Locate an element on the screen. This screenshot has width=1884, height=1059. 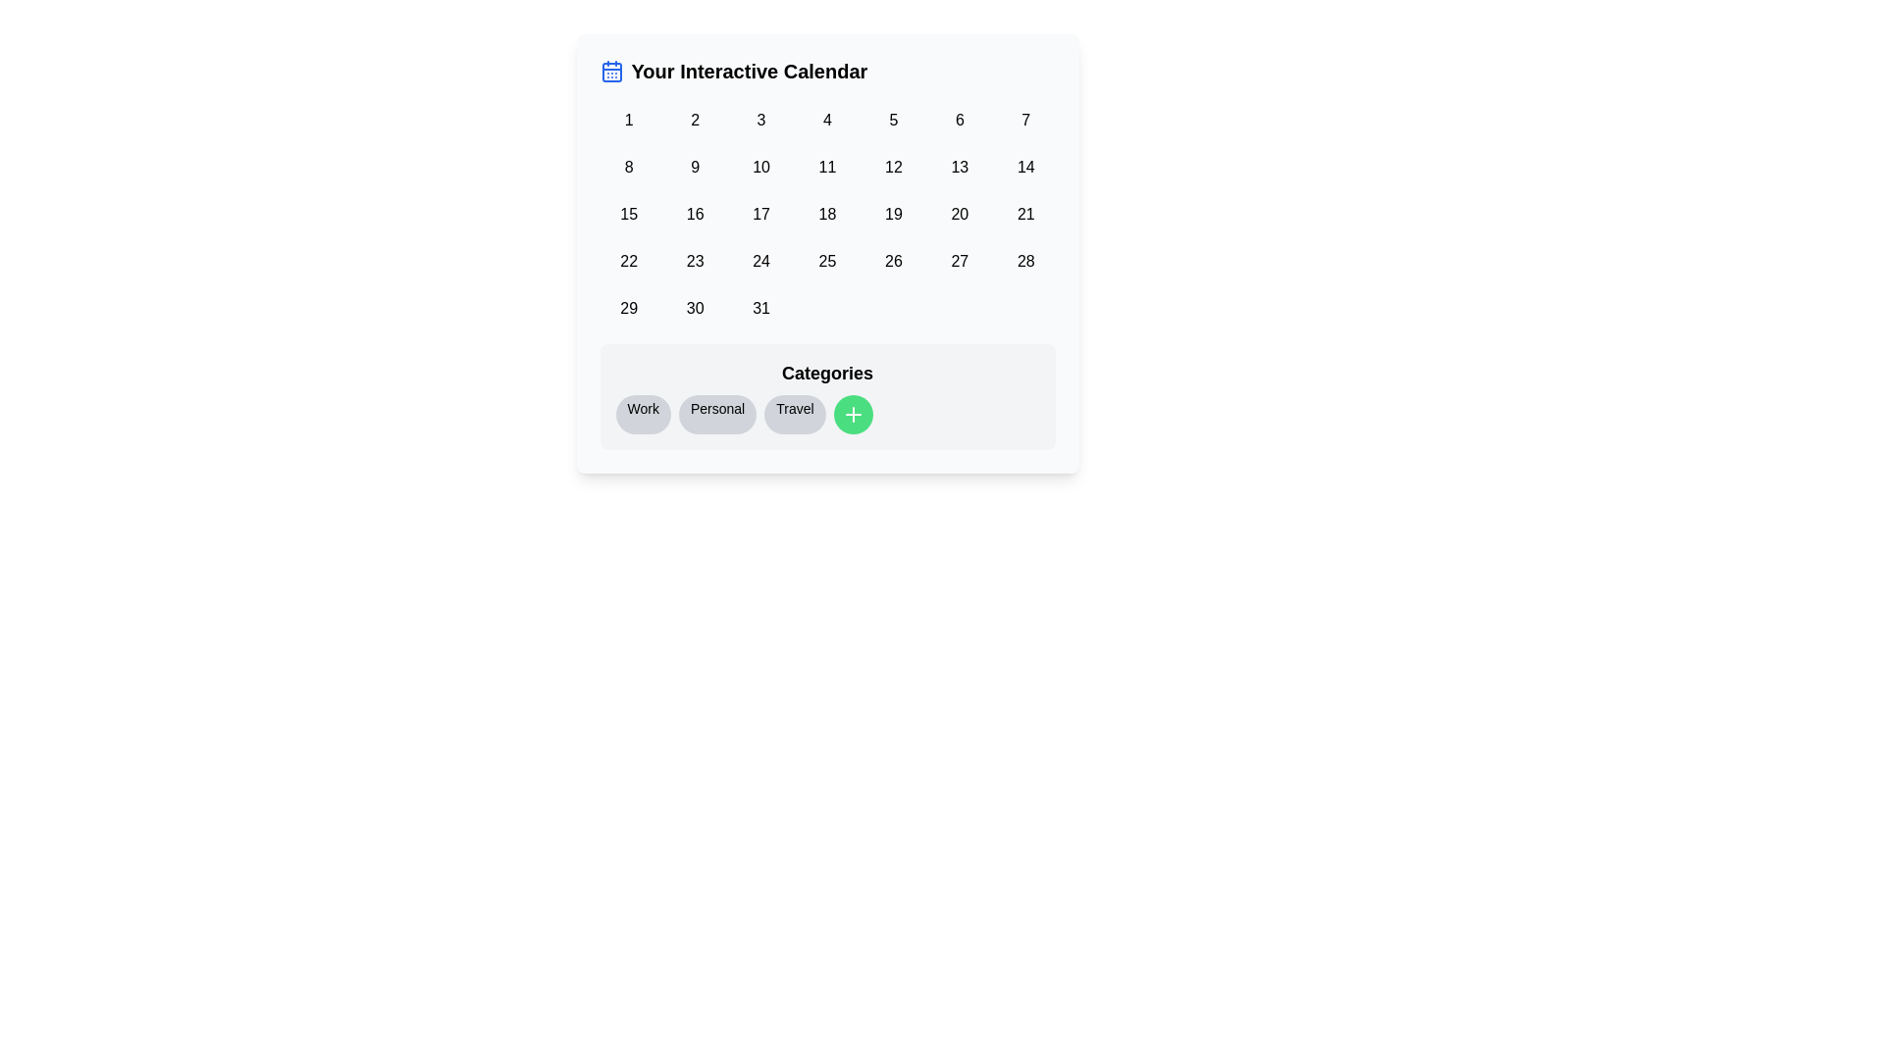
the calendar button representing a date, positioned as the fifth item in the first row of the grid below the 'Your Interactive Calendar' header is located at coordinates (892, 121).